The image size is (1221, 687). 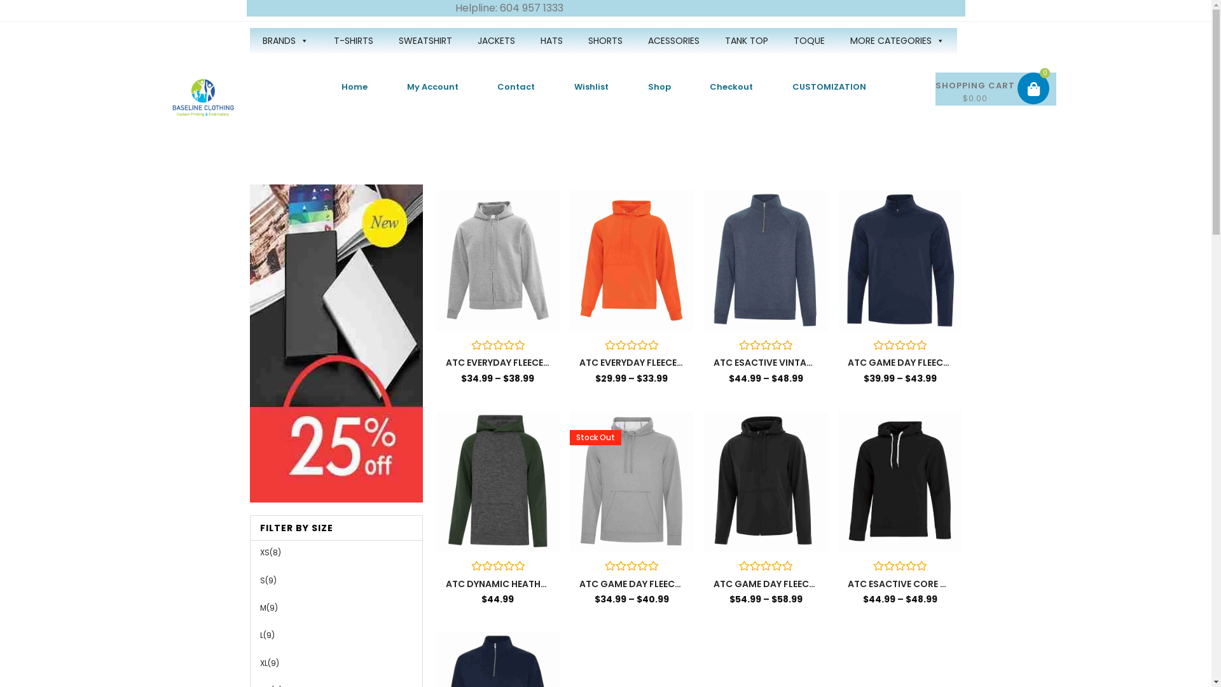 I want to click on 'XS', so click(x=259, y=552).